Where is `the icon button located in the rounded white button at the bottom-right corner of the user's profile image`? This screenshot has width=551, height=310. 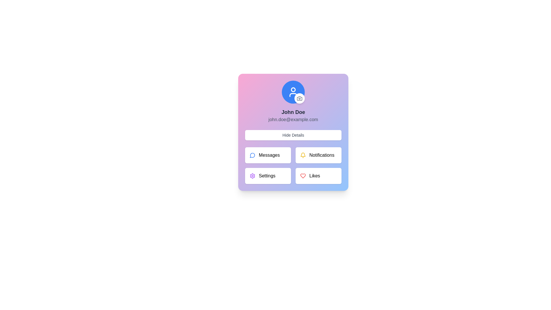 the icon button located in the rounded white button at the bottom-right corner of the user's profile image is located at coordinates (299, 98).